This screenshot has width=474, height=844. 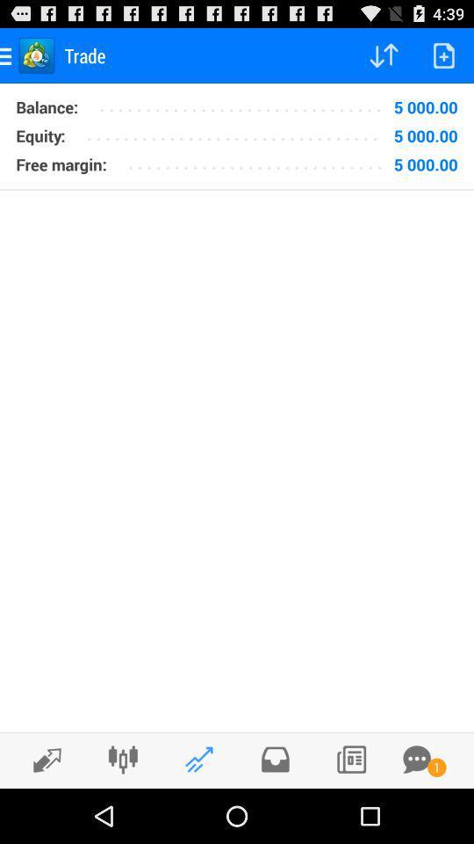 What do you see at coordinates (198, 759) in the screenshot?
I see `check line graph chart` at bounding box center [198, 759].